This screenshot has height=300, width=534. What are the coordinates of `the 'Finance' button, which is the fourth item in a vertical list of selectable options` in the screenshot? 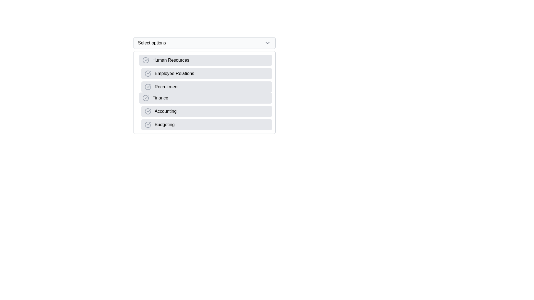 It's located at (205, 98).